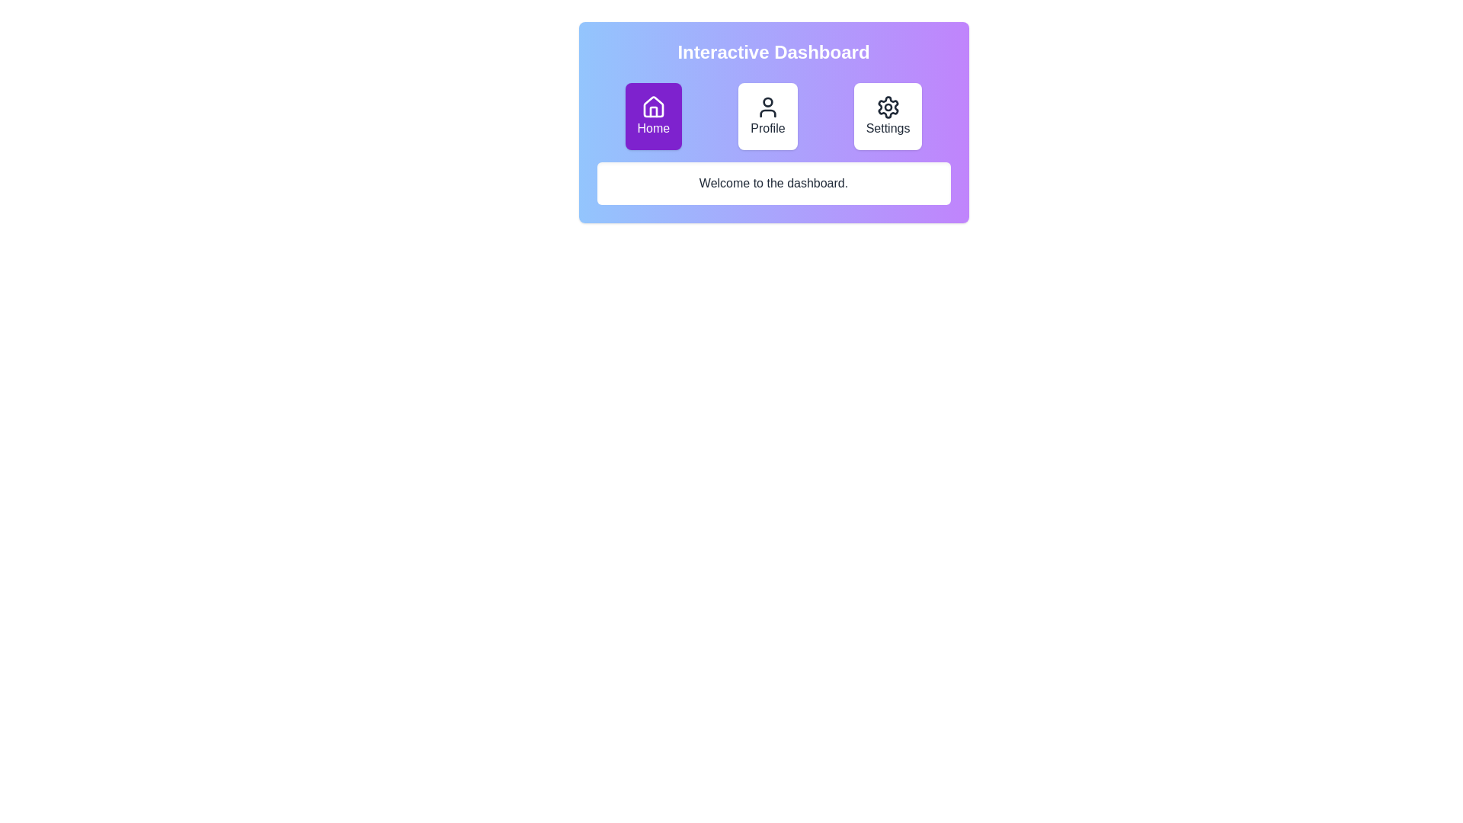 This screenshot has width=1463, height=823. I want to click on the Home button to observe its hover effect, so click(653, 116).